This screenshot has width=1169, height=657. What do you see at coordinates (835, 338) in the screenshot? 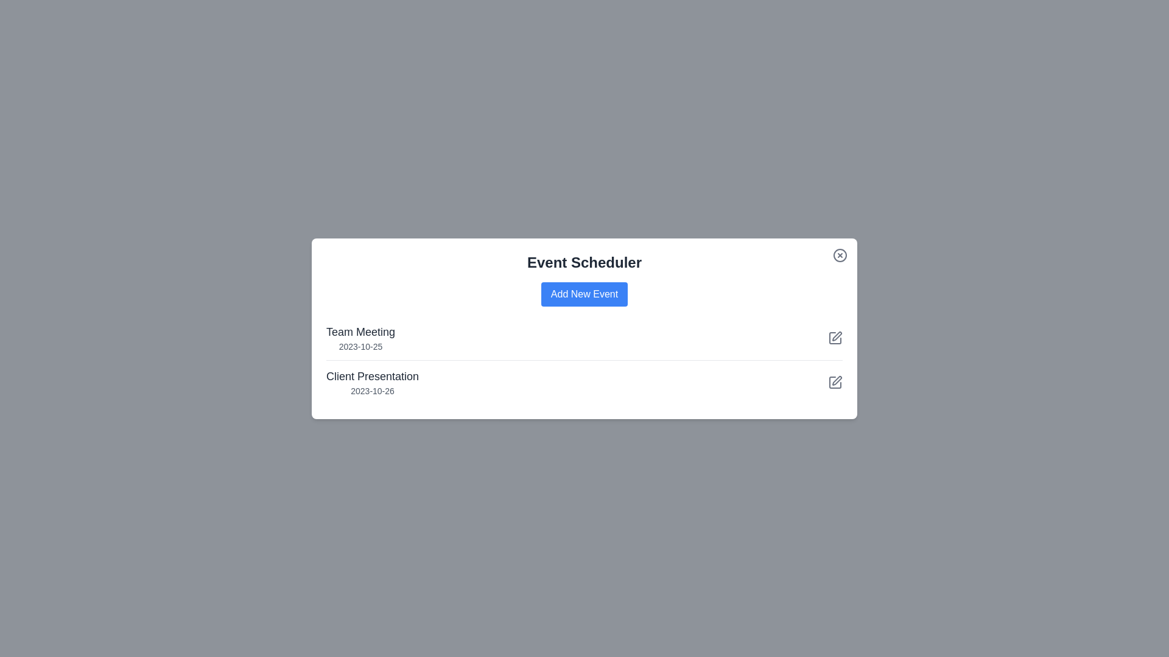
I see `the edit icon, which is a square or rounded rectangle with a pen or pencil image, located to the right of the 'Team Meeting' text. It is the first edit icon above the second icon near 'Client Presentation'` at bounding box center [835, 338].